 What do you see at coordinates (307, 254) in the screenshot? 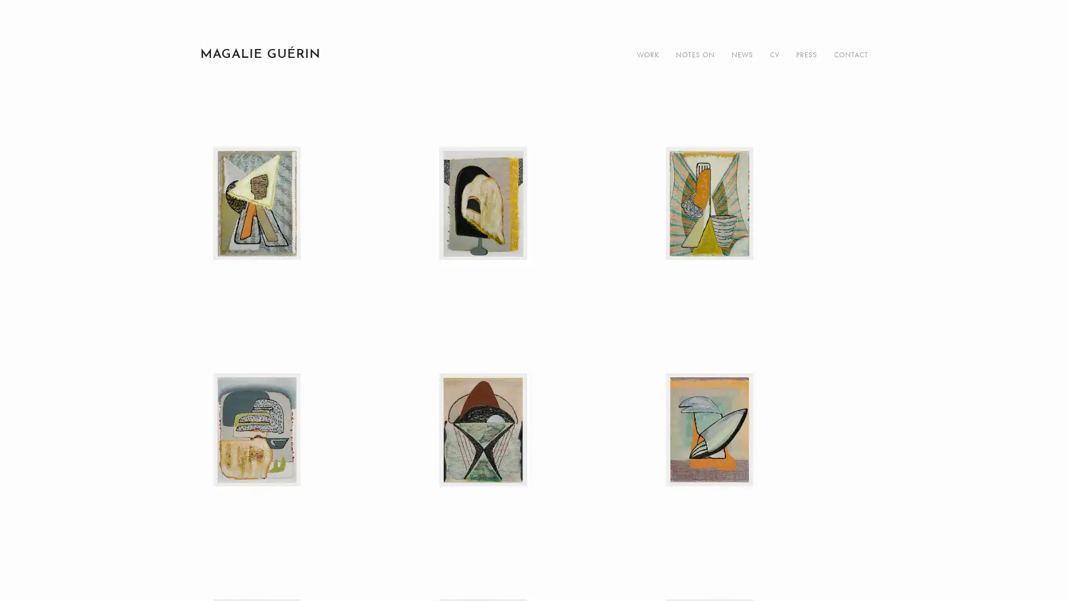
I see `View fullsize Untitled (quarantine painting 01), 2020` at bounding box center [307, 254].